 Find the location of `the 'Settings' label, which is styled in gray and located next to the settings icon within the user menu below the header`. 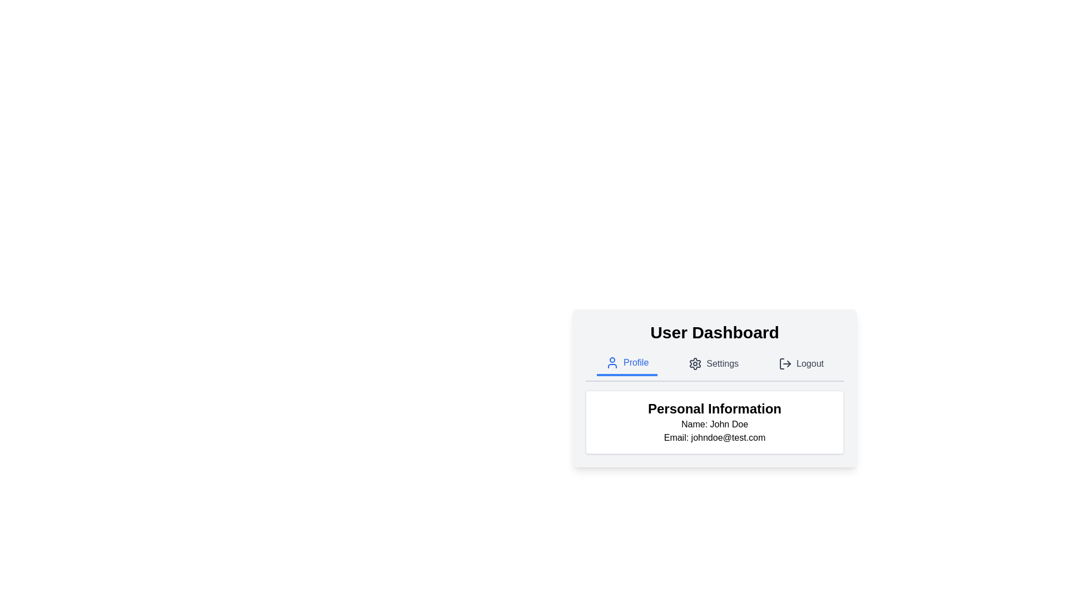

the 'Settings' label, which is styled in gray and located next to the settings icon within the user menu below the header is located at coordinates (723, 364).